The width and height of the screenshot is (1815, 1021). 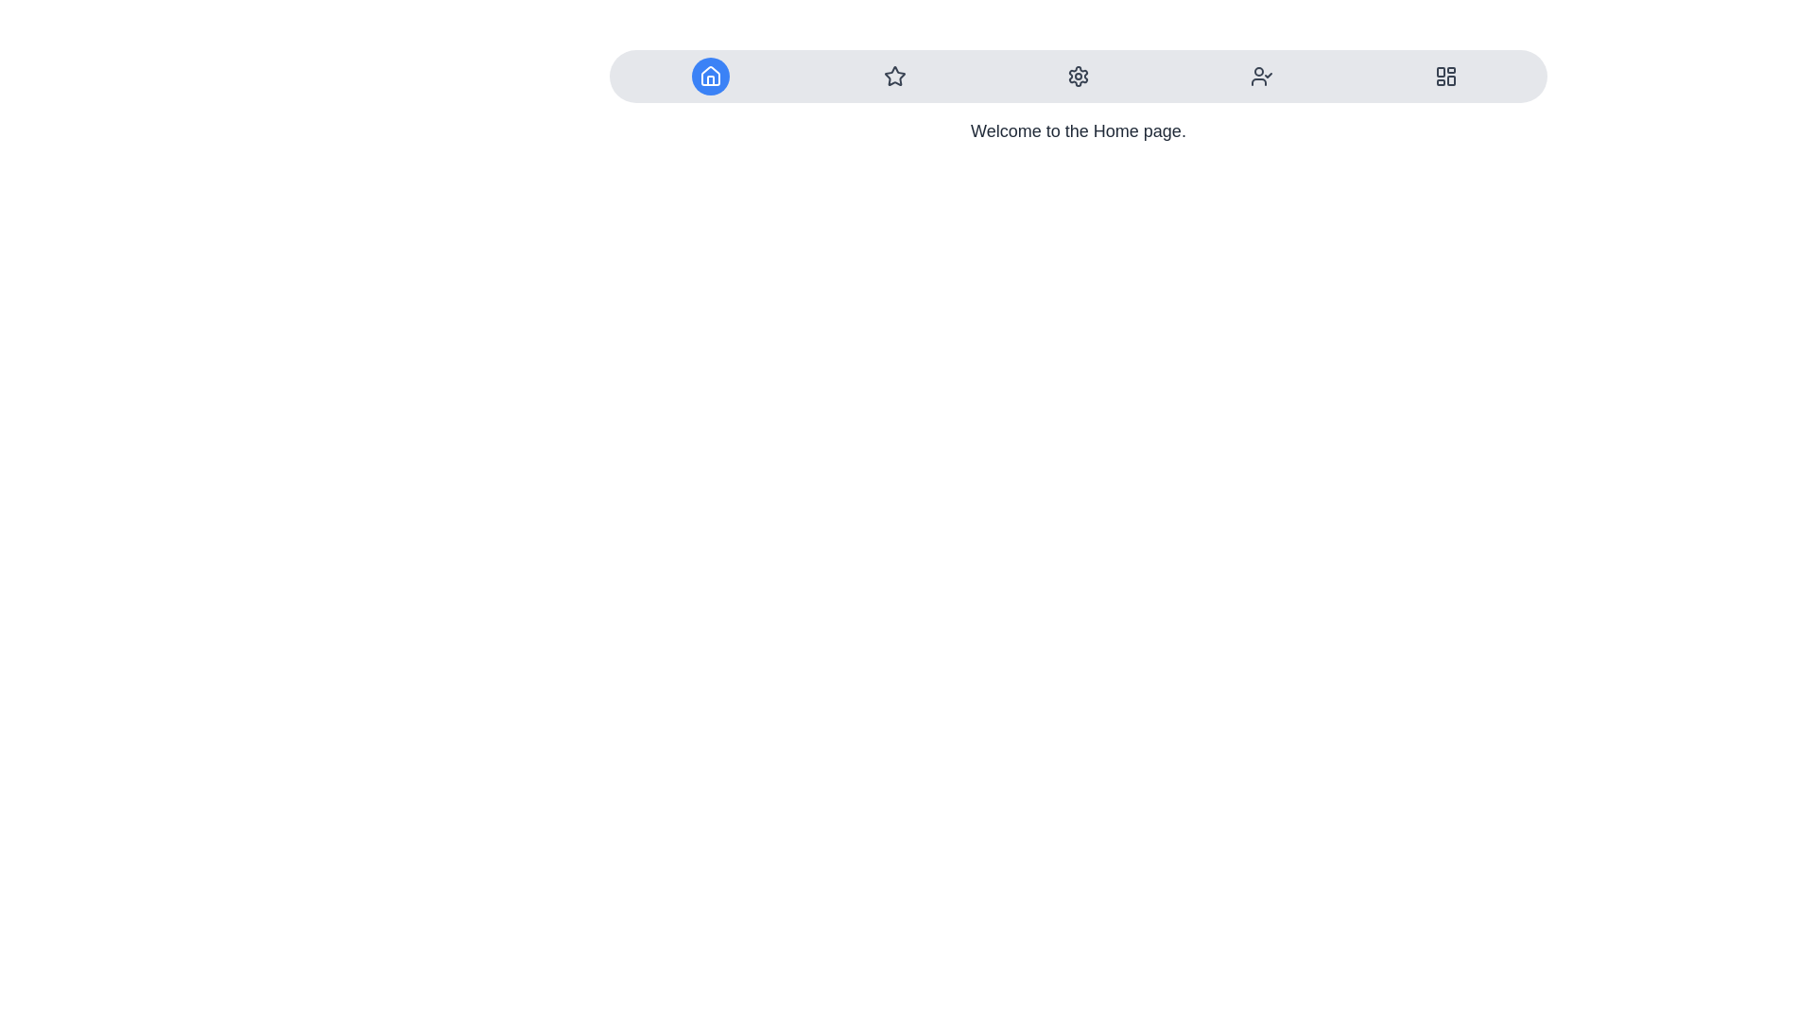 I want to click on the tab corresponding to Profile, so click(x=1262, y=76).